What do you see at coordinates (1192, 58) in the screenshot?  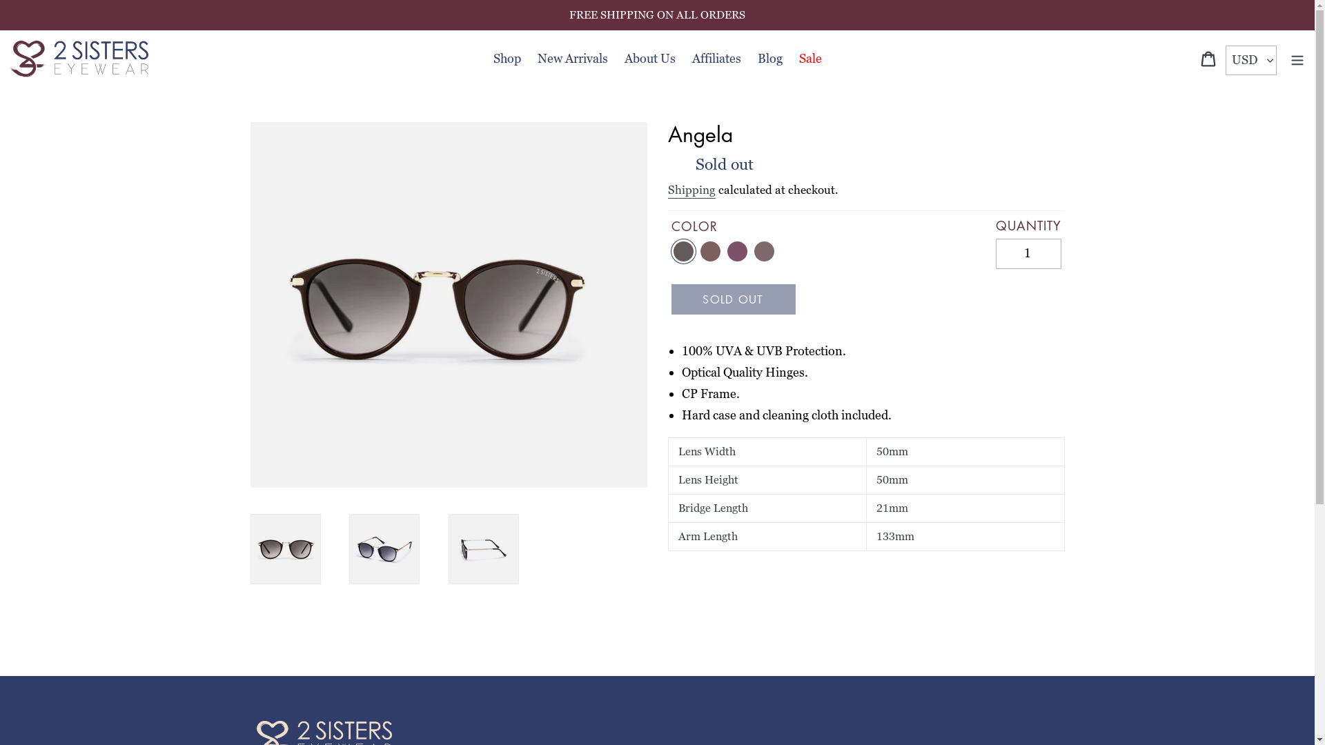 I see `'Cart'` at bounding box center [1192, 58].